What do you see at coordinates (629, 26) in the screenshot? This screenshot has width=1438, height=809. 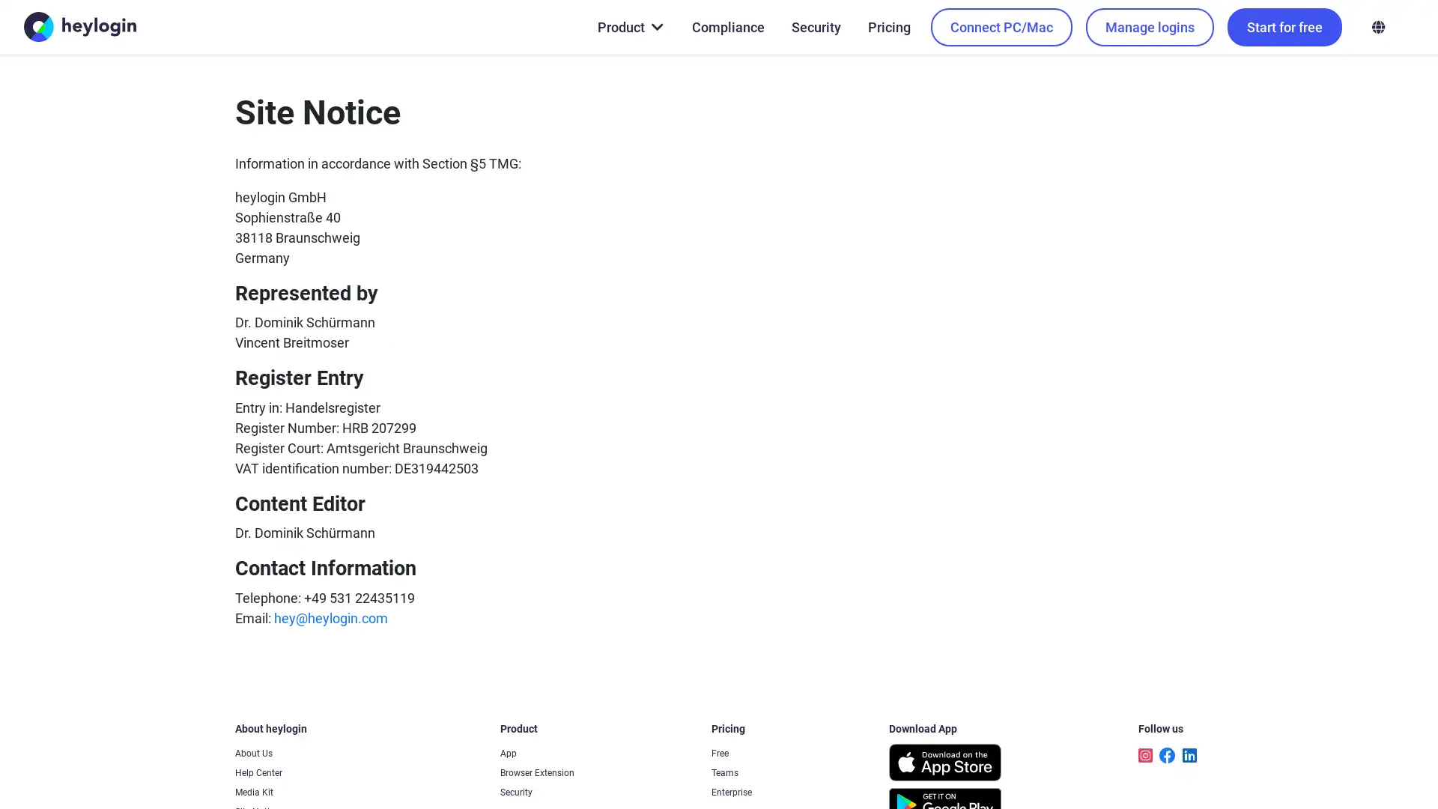 I see `Product` at bounding box center [629, 26].